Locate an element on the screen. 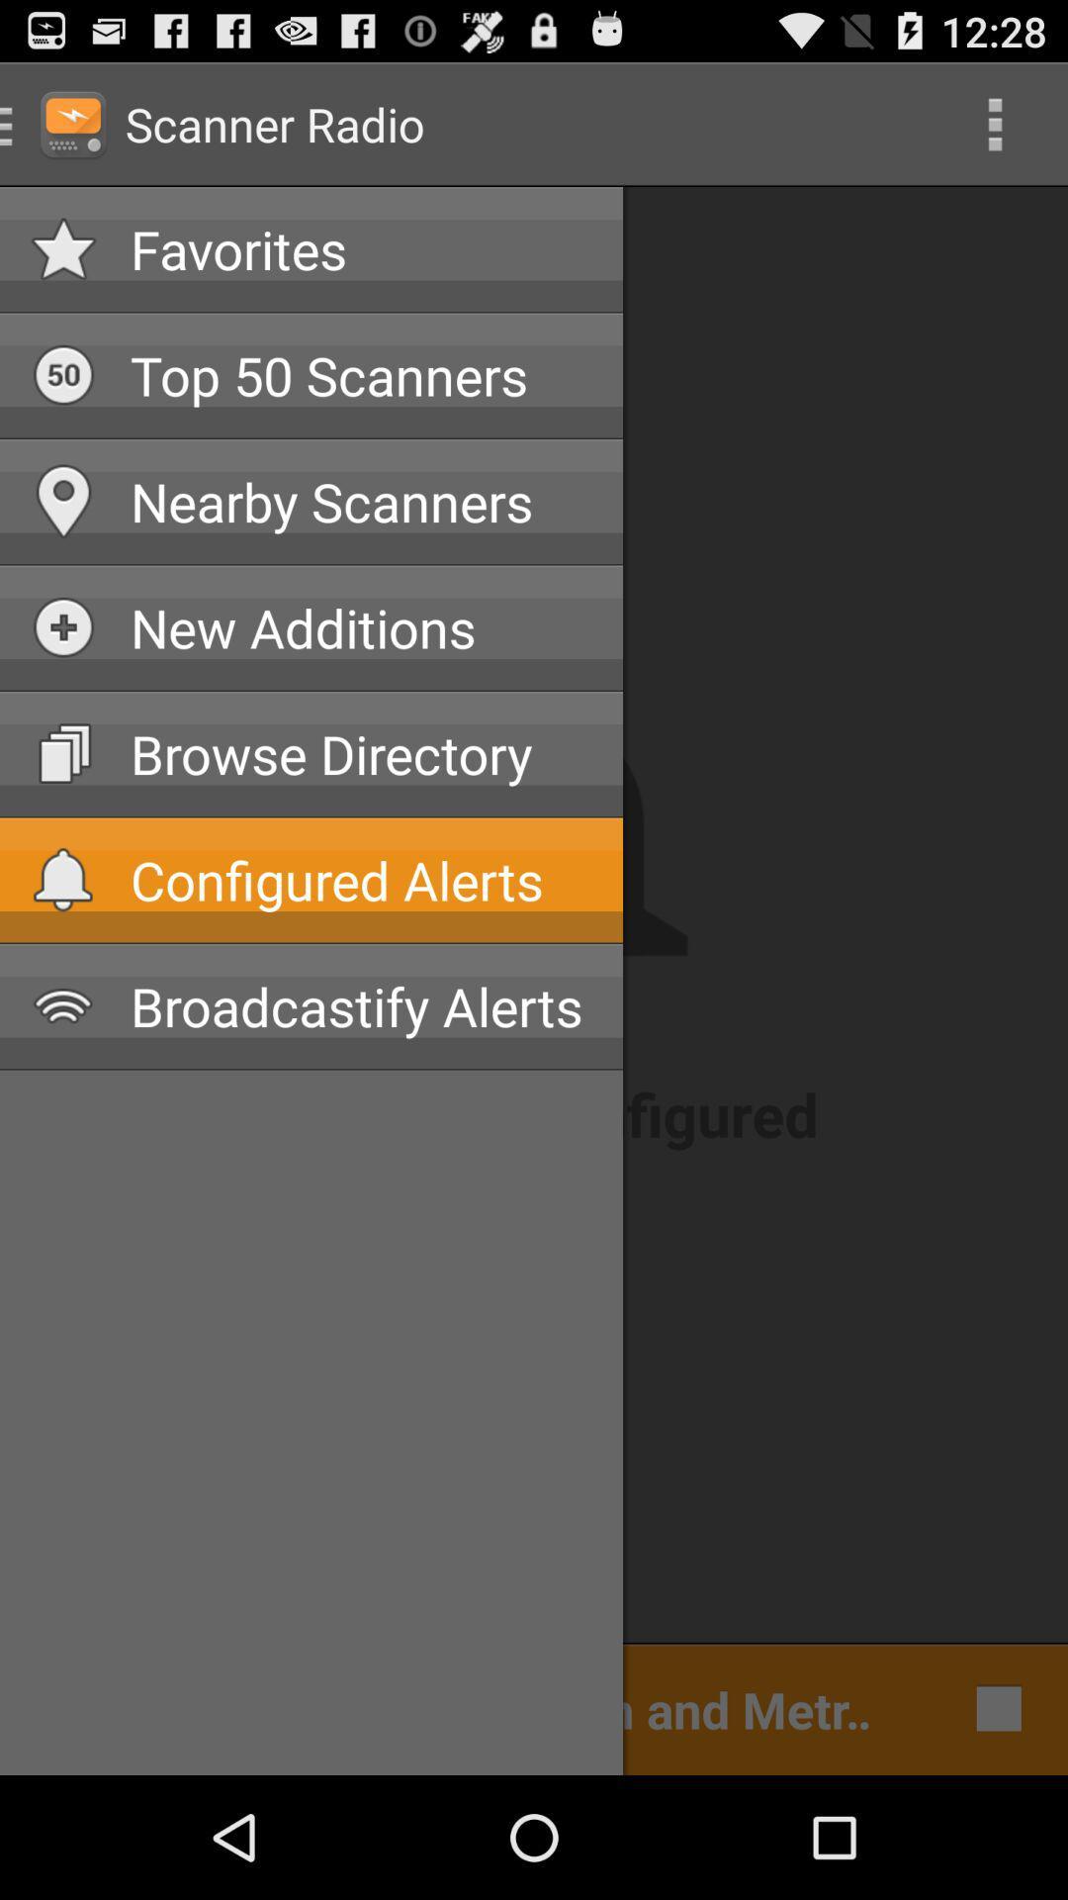  the plus symbol is located at coordinates (63, 626).